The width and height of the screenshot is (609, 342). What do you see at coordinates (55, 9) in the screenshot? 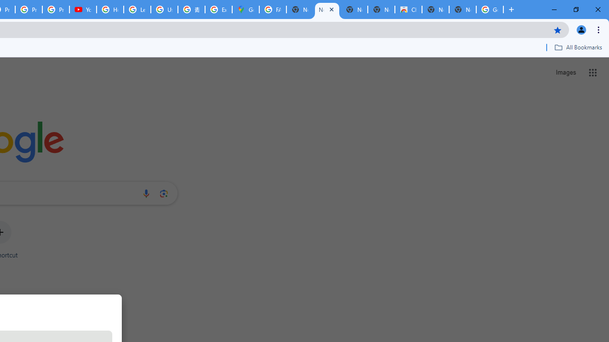
I see `'Privacy Checkup'` at bounding box center [55, 9].